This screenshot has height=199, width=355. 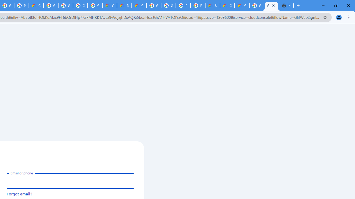 I want to click on 'Google Cloud Platform', so click(x=154, y=6).